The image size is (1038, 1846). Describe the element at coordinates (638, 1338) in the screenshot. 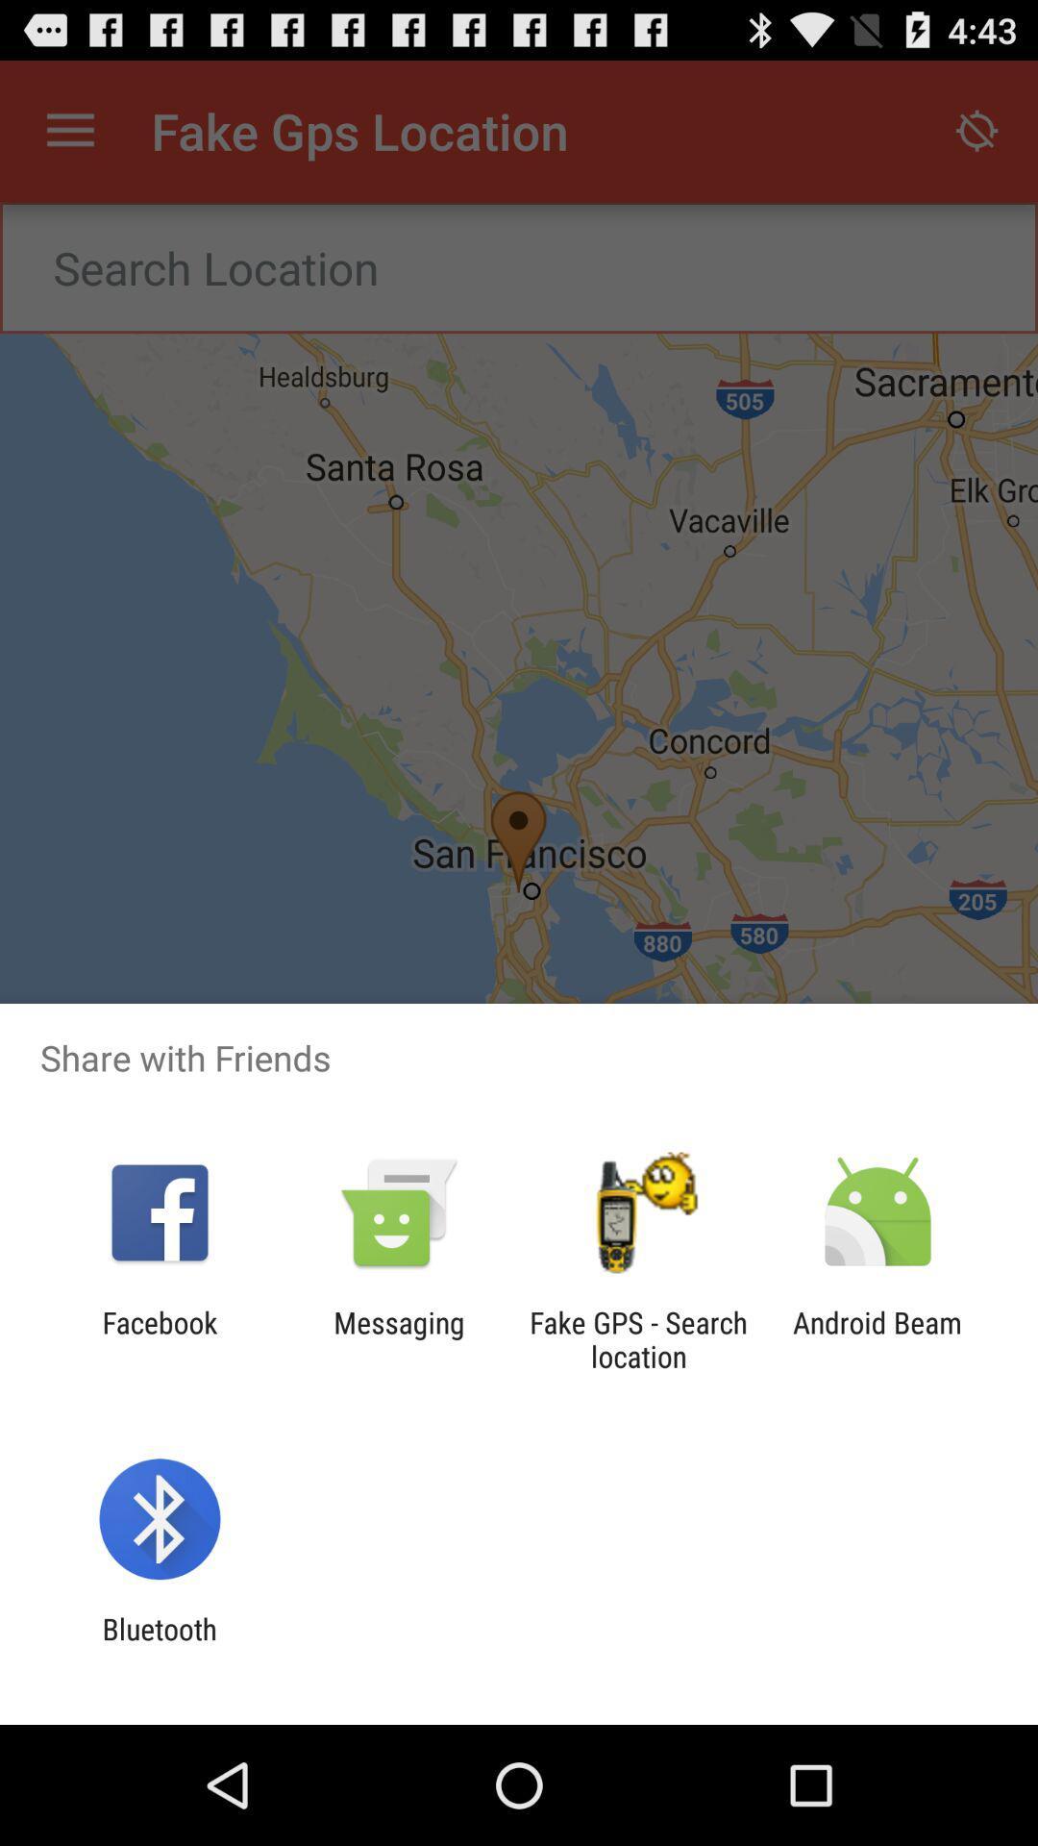

I see `icon to the left of android beam item` at that location.